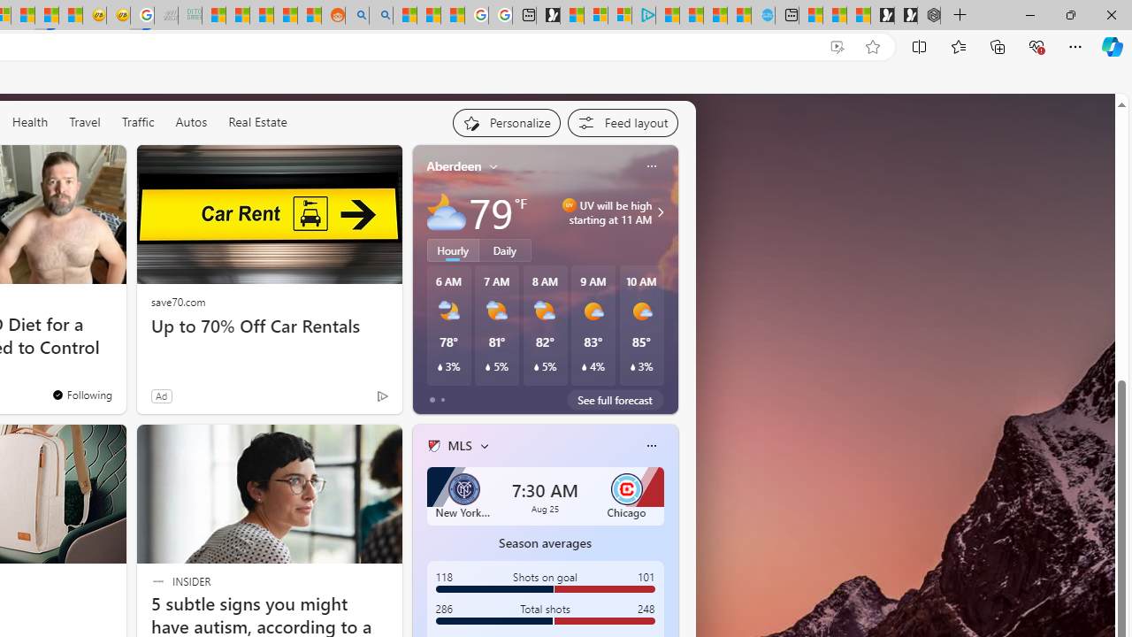 The height and width of the screenshot is (637, 1132). I want to click on 'MLS', so click(459, 444).